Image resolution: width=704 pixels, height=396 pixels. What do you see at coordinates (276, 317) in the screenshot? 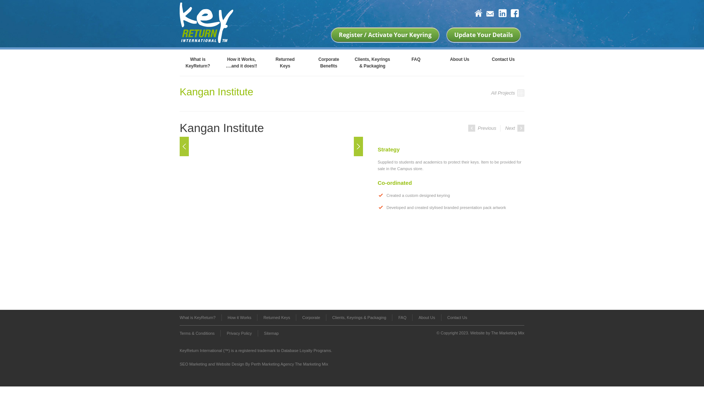
I see `'Returned Keys'` at bounding box center [276, 317].